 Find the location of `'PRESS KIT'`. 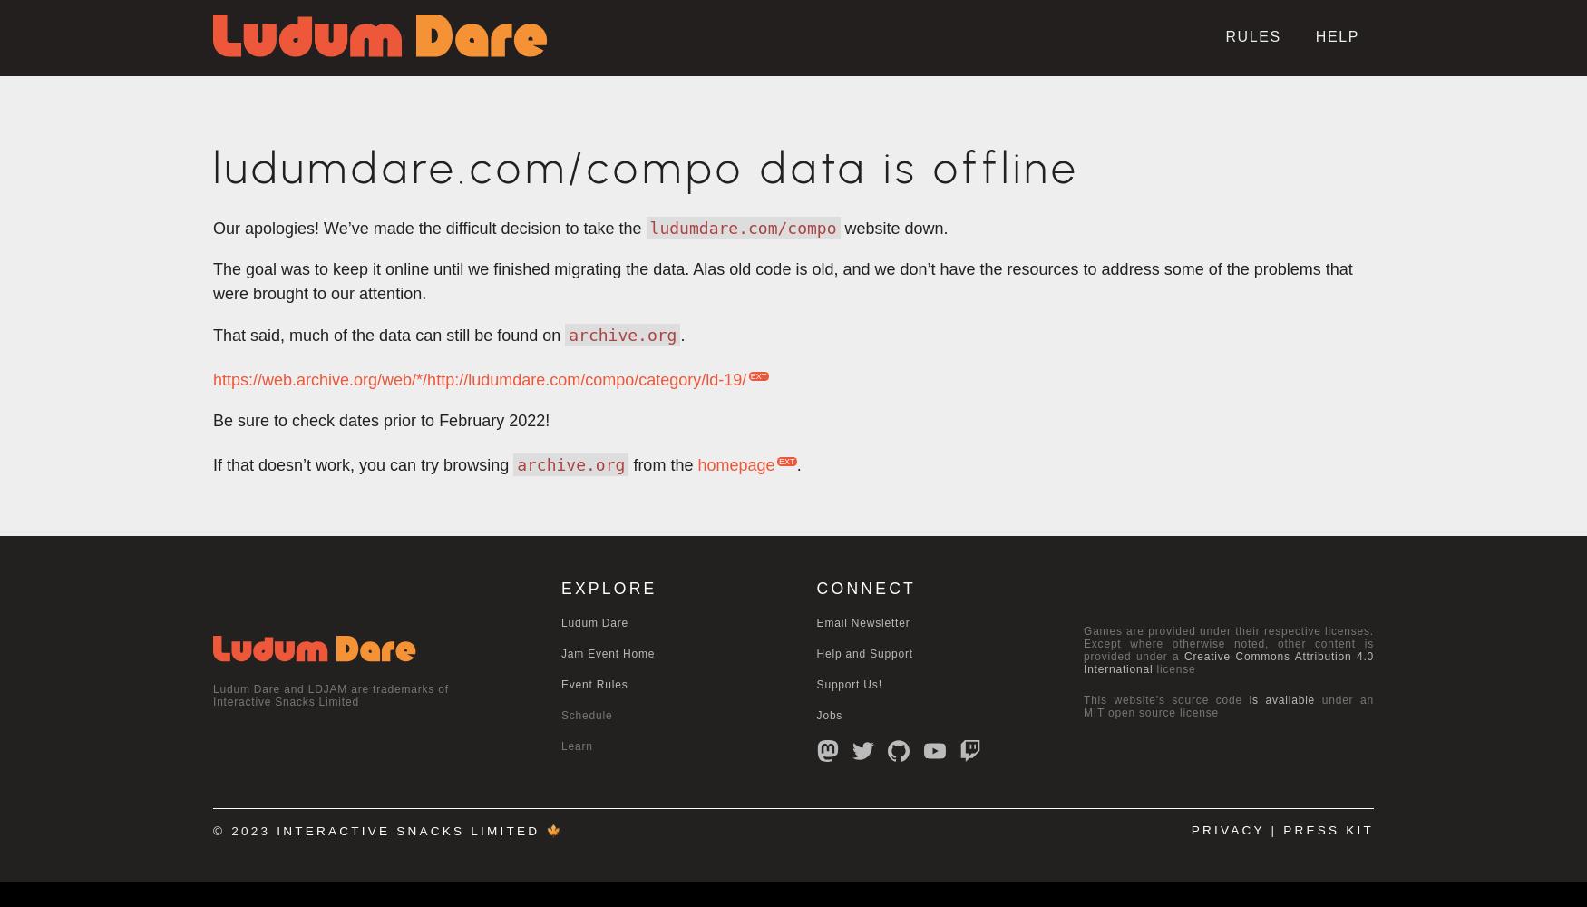

'PRESS KIT' is located at coordinates (1328, 830).